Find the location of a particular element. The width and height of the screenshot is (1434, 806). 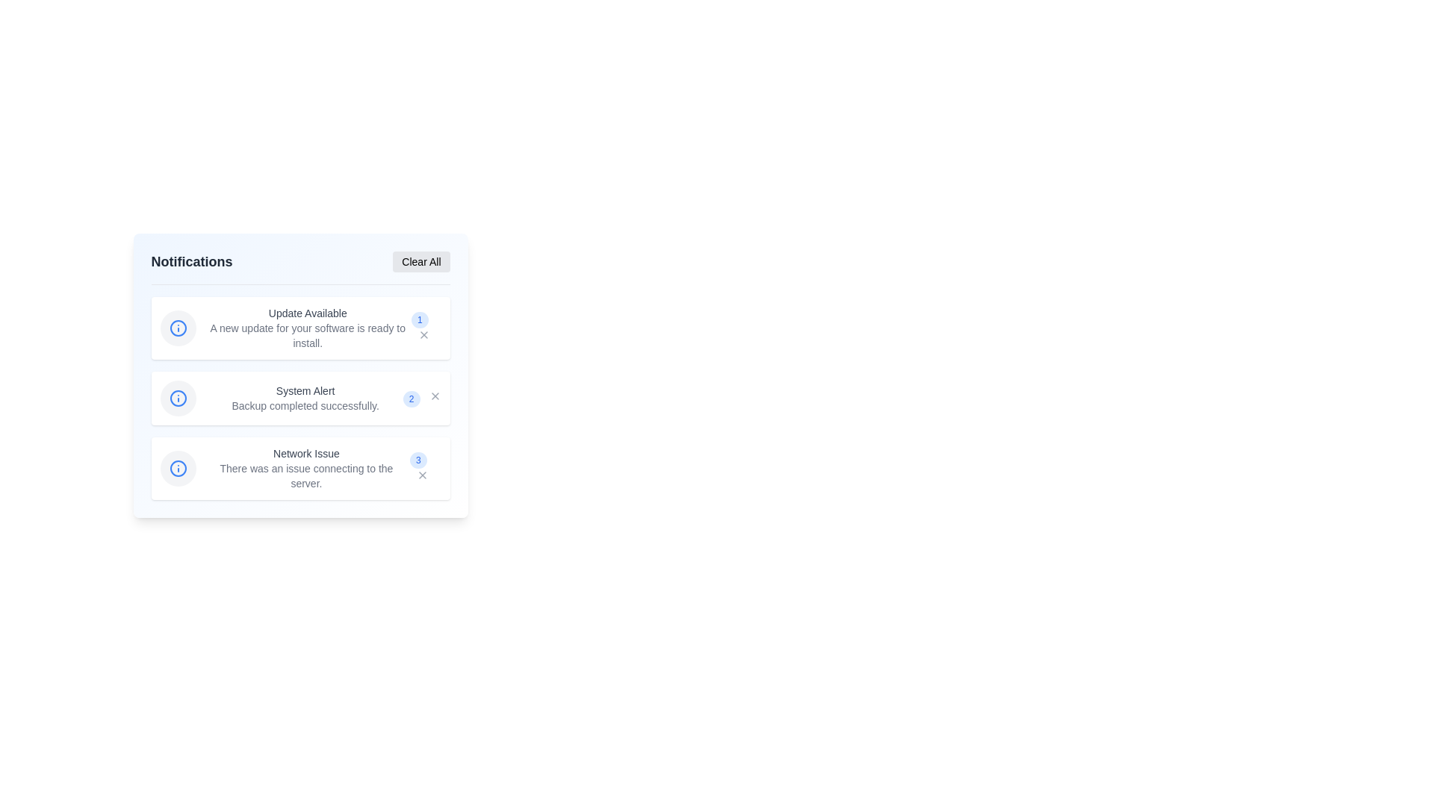

the innermost circular shape of the graphical icon located within a notification item, positioned to the left of the text content is located at coordinates (178, 468).